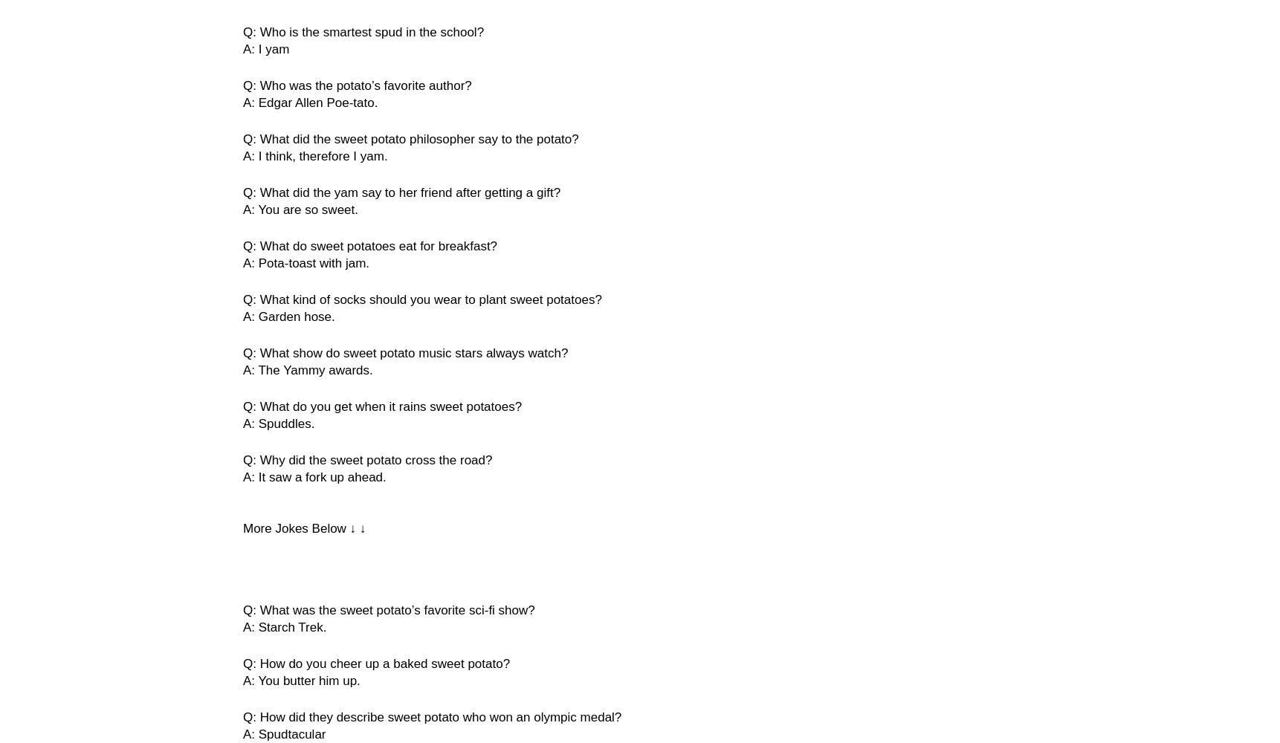  Describe the element at coordinates (356, 85) in the screenshot. I see `'Q: Who was the potato’s favorite author?'` at that location.